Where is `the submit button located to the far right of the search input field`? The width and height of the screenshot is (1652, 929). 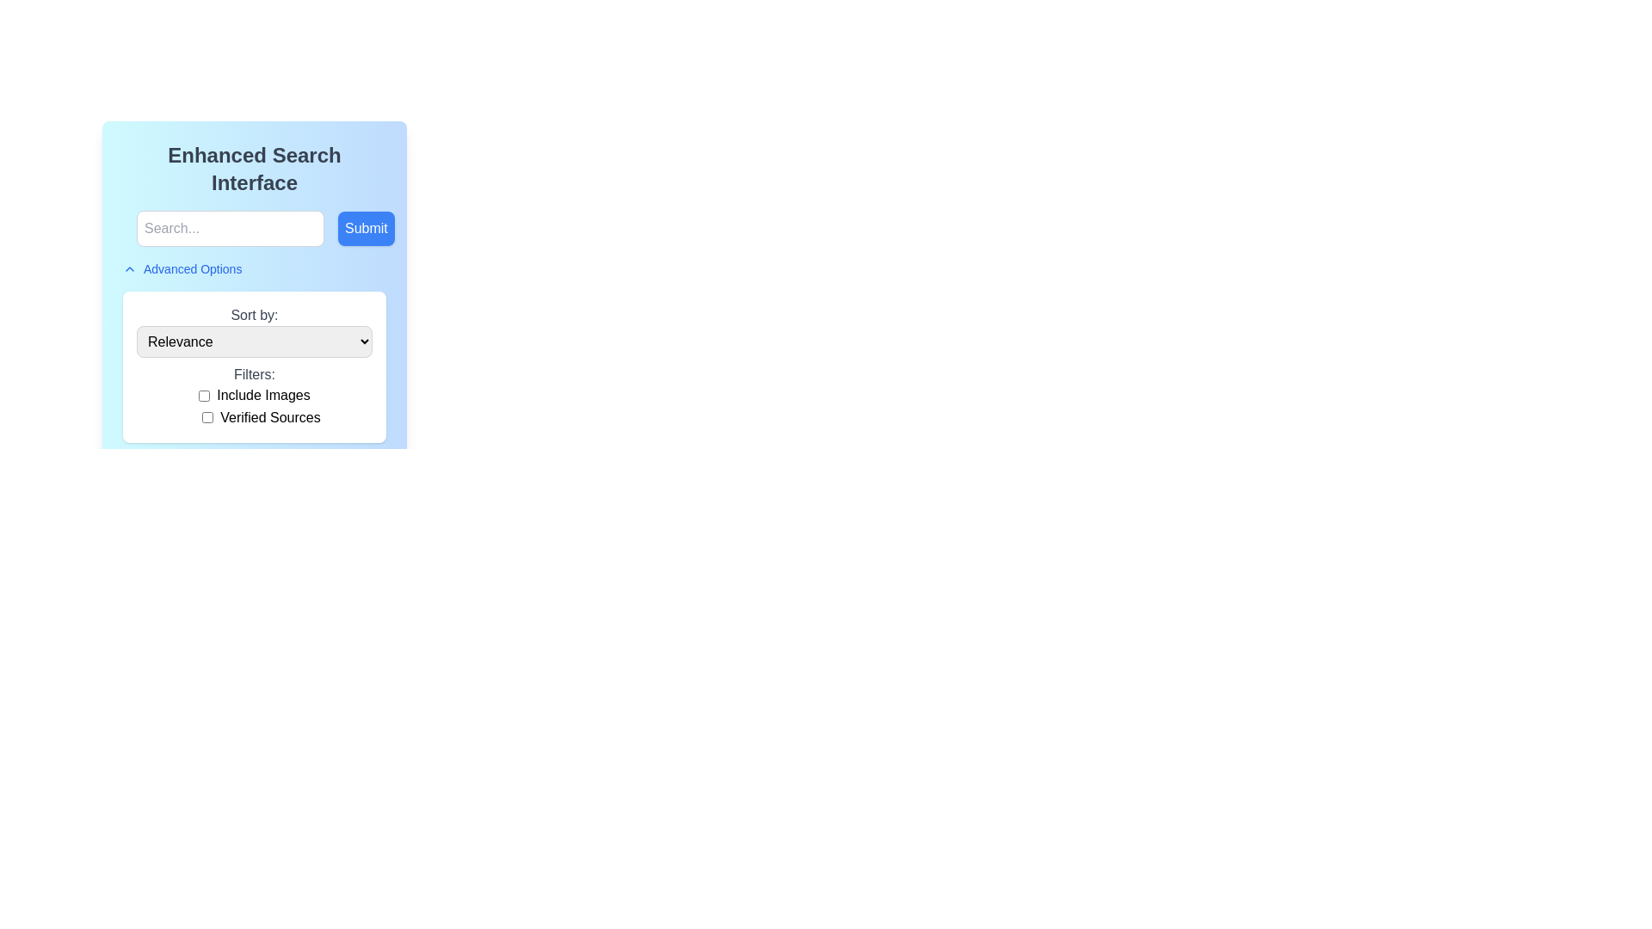
the submit button located to the far right of the search input field is located at coordinates (365, 228).